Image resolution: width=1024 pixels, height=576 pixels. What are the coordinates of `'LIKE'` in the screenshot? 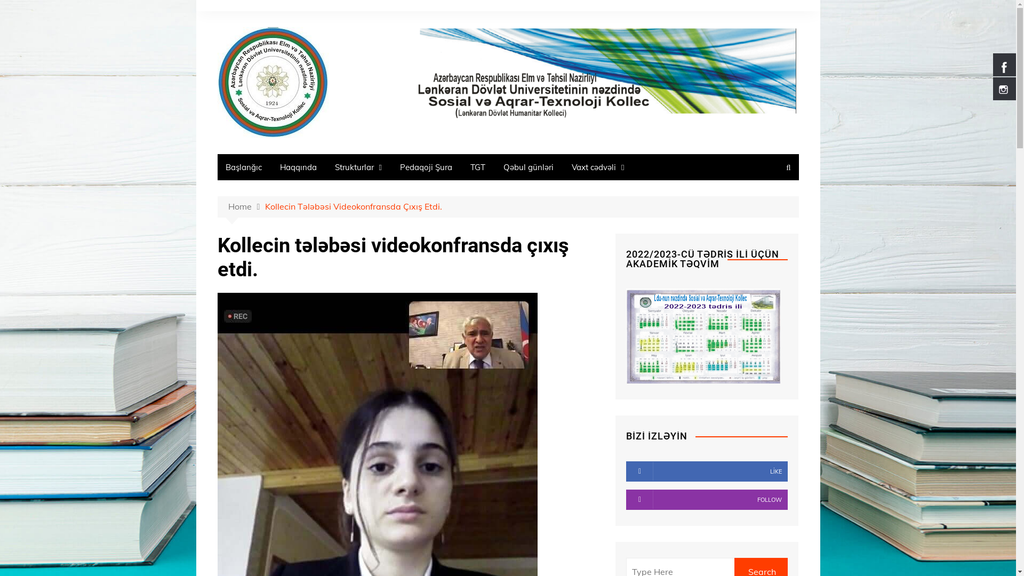 It's located at (707, 470).